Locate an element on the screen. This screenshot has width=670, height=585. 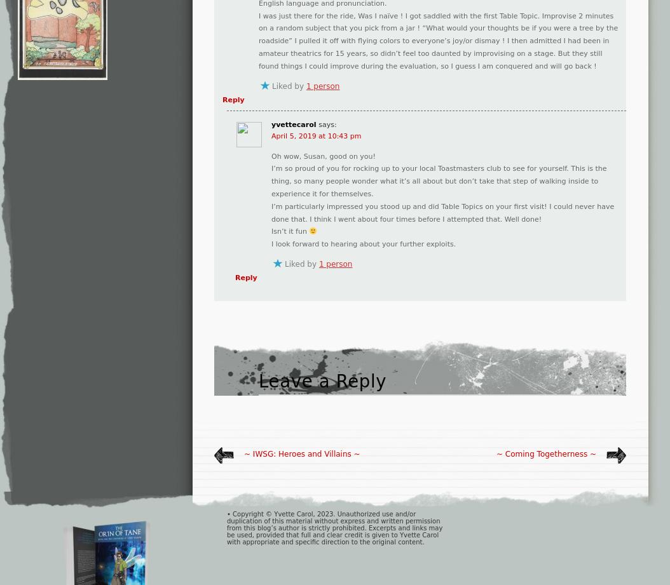
'•	Copyright

© Yvette Carol, 2023. Unauthorized use and/or duplication of this material without express and written permission from this blog’s author is strictly prohibited. Excerpts and links may be used, provided that full and clear credit is given to Yvette Carol with appropriate and specific direction to the original content.' is located at coordinates (334, 527).